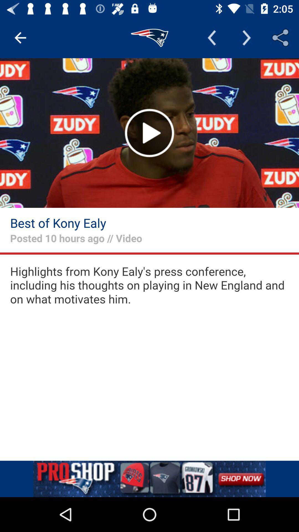  I want to click on advertisement, so click(149, 479).